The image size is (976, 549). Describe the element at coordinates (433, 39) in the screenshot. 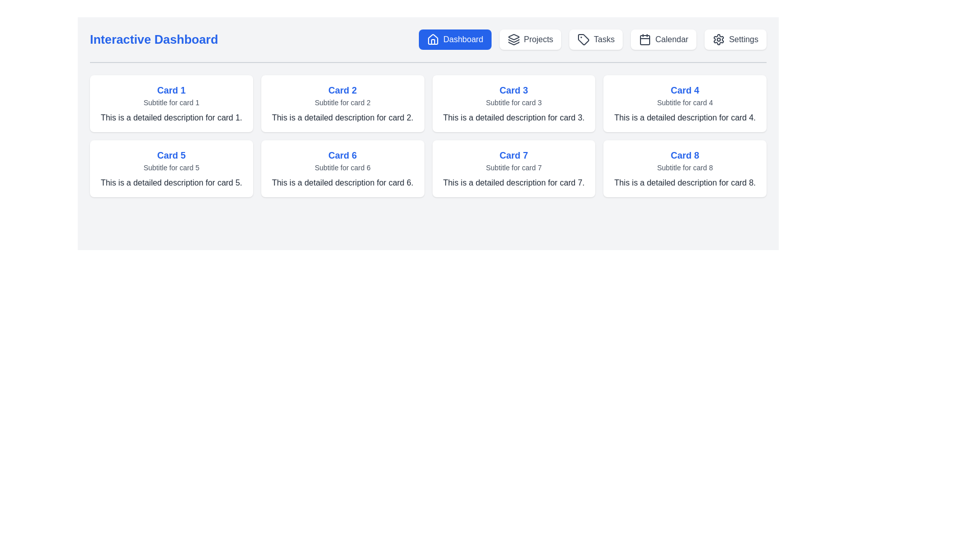

I see `the 'Dashboard' icon in the navigation bar` at that location.